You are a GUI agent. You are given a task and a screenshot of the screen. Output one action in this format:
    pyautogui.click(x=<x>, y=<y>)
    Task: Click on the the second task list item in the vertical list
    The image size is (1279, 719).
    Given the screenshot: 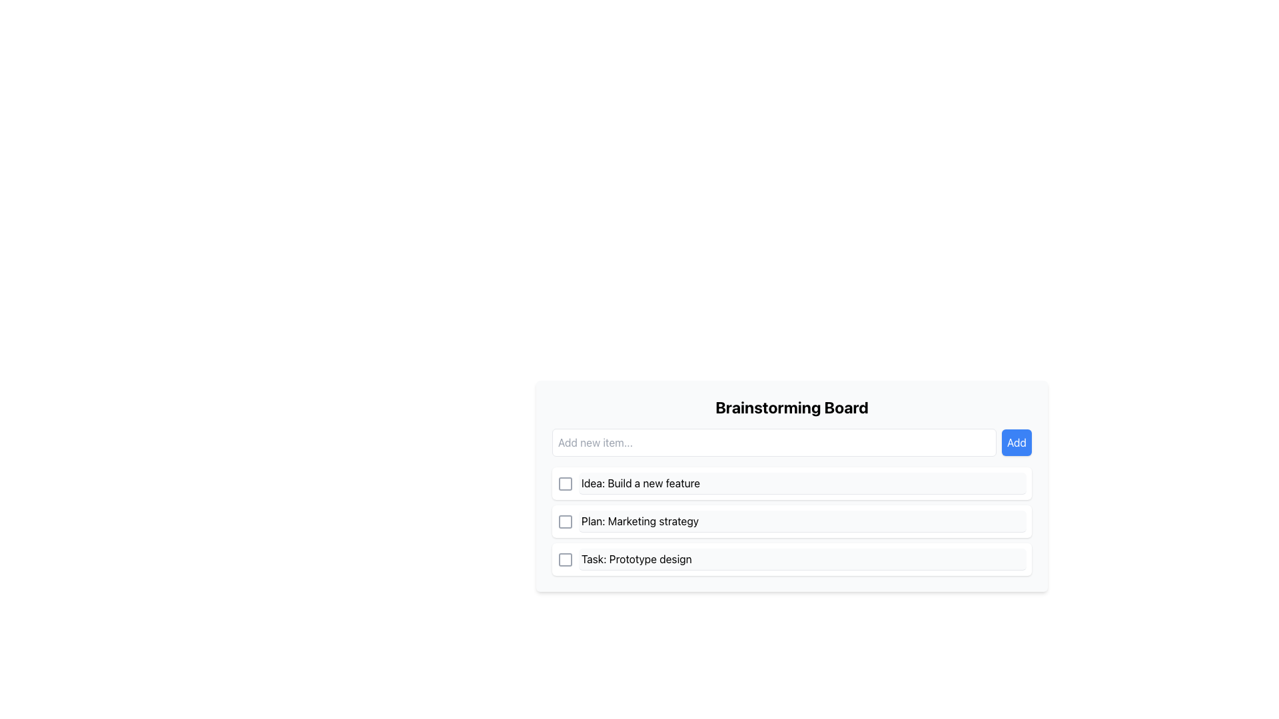 What is the action you would take?
    pyautogui.click(x=792, y=521)
    